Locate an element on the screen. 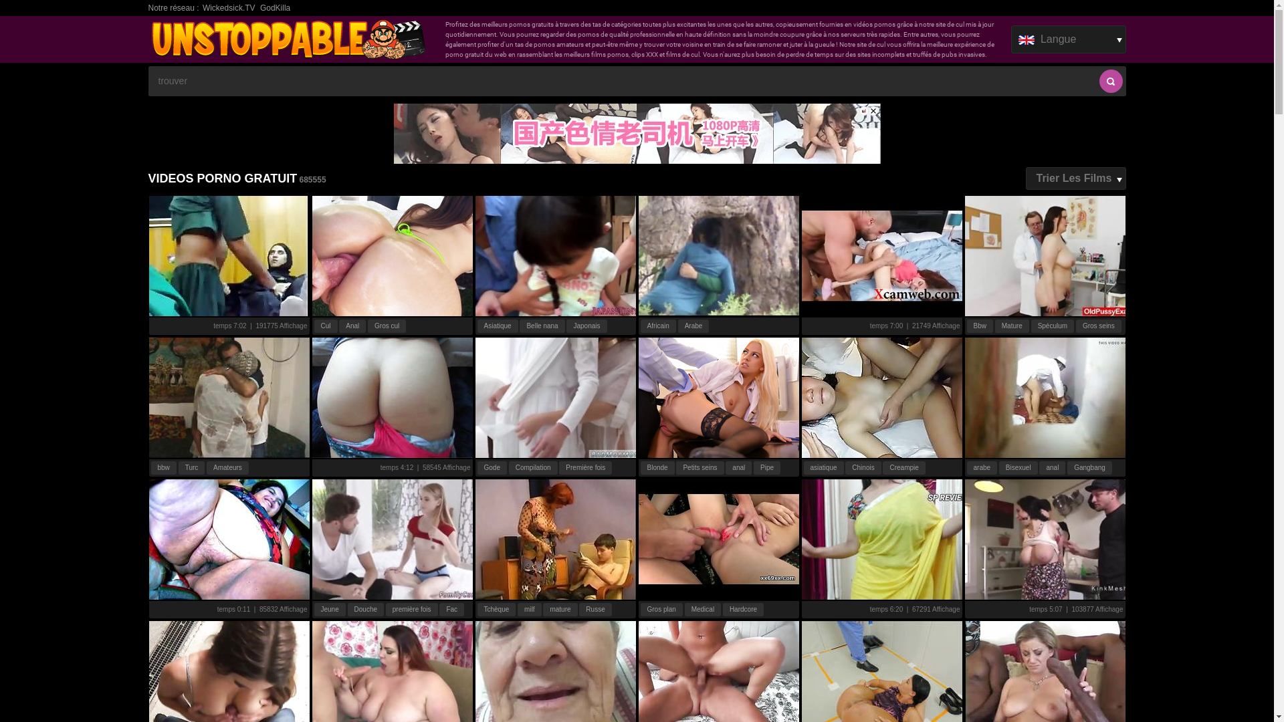 This screenshot has height=722, width=1284. 'Bisexuel' is located at coordinates (1017, 467).